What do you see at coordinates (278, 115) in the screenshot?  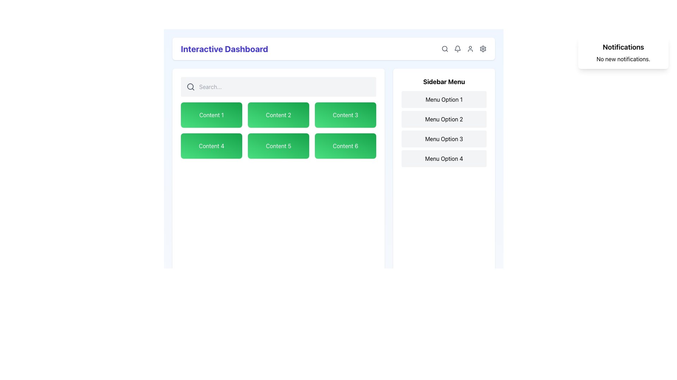 I see `the button labeled 'Content 2', which is a rectangular button with rounded edges, featuring a gradient background from light green to dark green and white centered text` at bounding box center [278, 115].